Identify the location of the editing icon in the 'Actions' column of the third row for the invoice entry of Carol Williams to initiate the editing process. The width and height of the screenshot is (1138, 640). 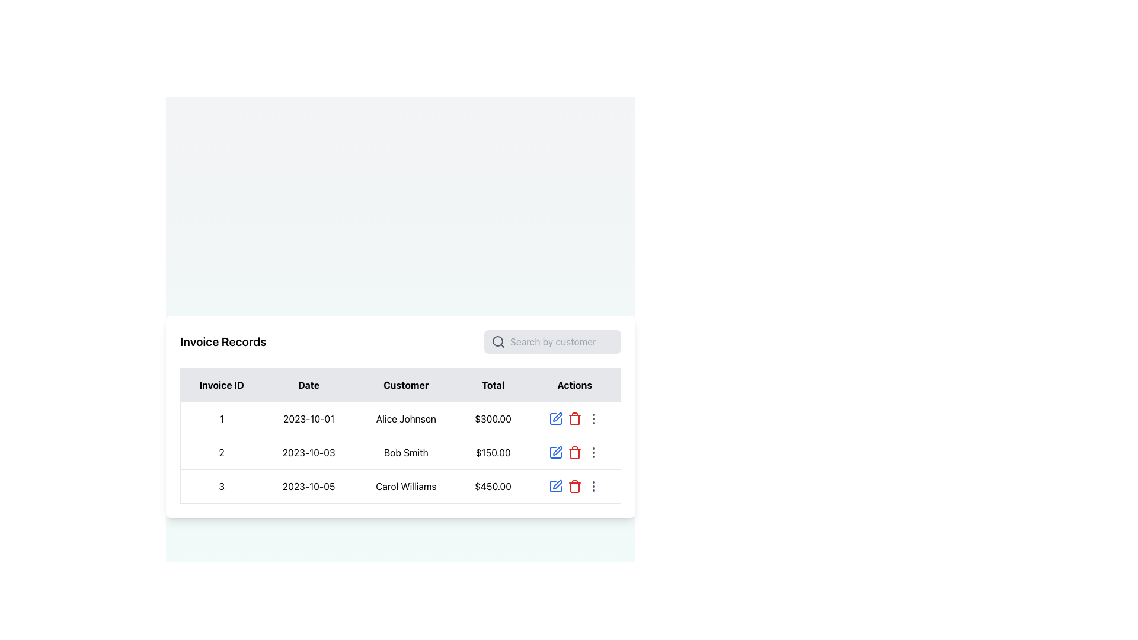
(557, 484).